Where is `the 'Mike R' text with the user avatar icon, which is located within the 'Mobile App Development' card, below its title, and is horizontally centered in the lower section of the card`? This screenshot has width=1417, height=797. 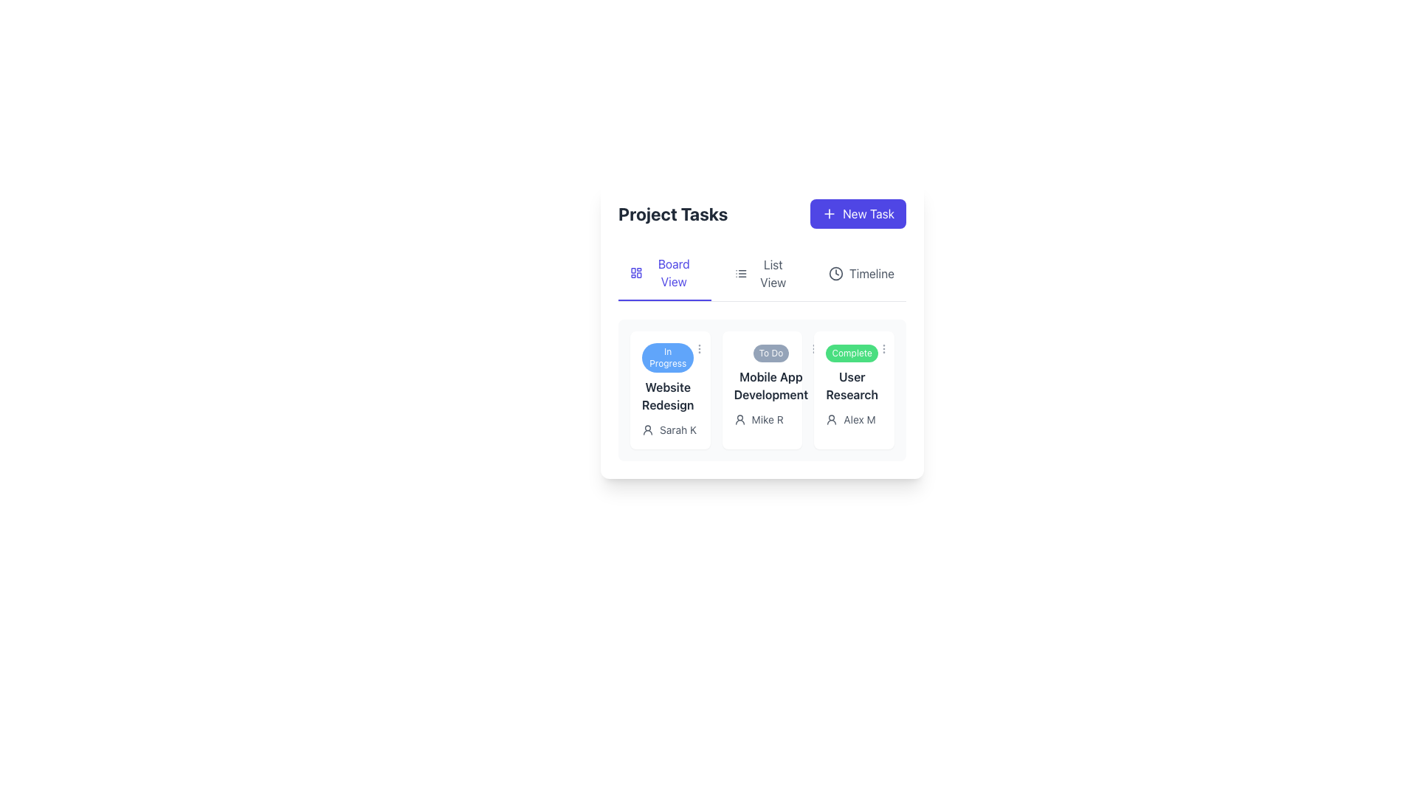
the 'Mike R' text with the user avatar icon, which is located within the 'Mobile App Development' card, below its title, and is horizontally centered in the lower section of the card is located at coordinates (762, 420).